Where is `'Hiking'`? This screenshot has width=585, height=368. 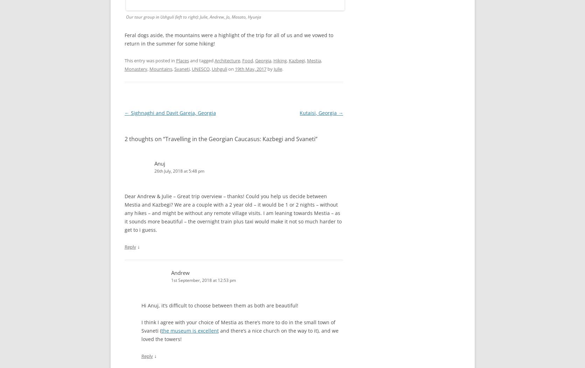
'Hiking' is located at coordinates (280, 60).